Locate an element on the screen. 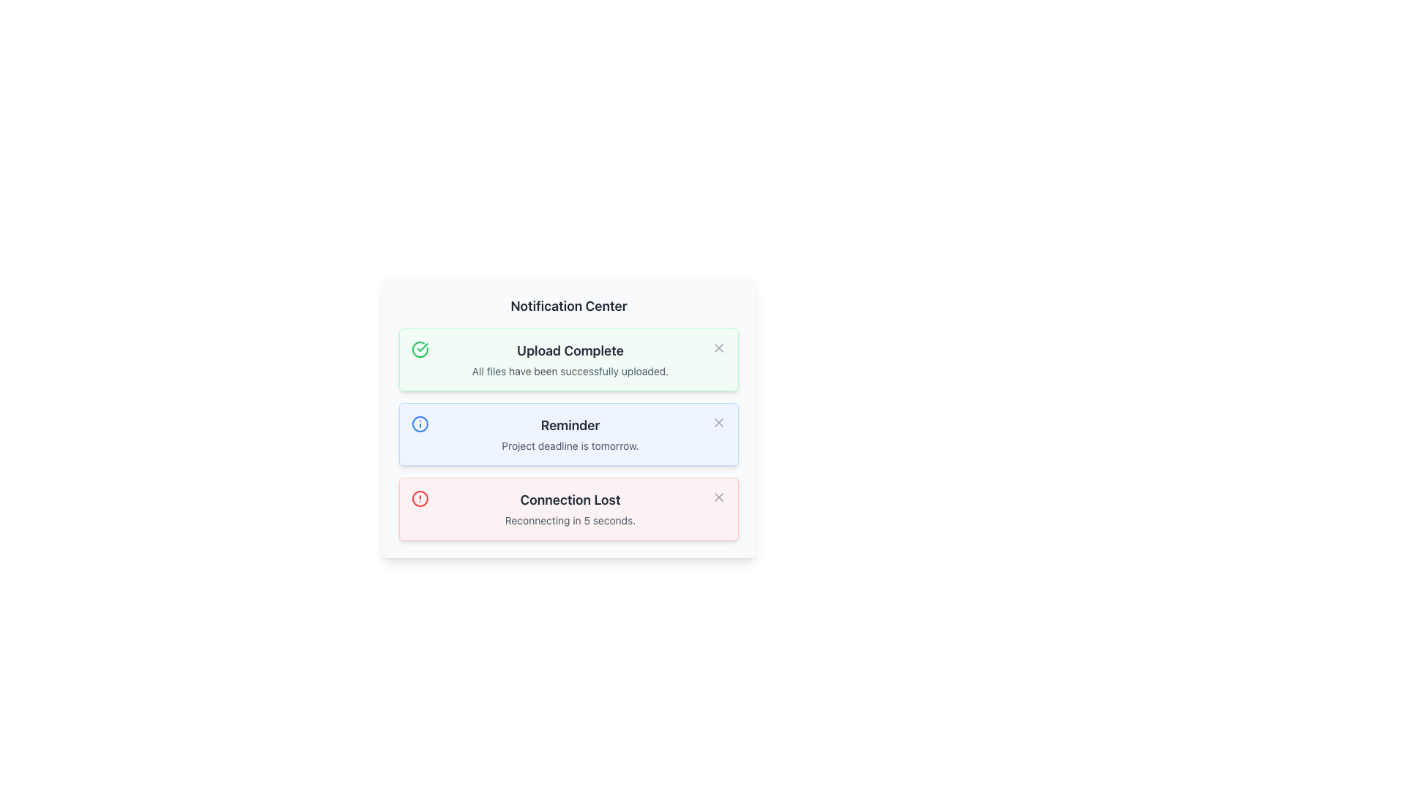  the close button (an 'X' icon) in the top-right corner of the 'Connection Lost' notification is located at coordinates (719, 496).